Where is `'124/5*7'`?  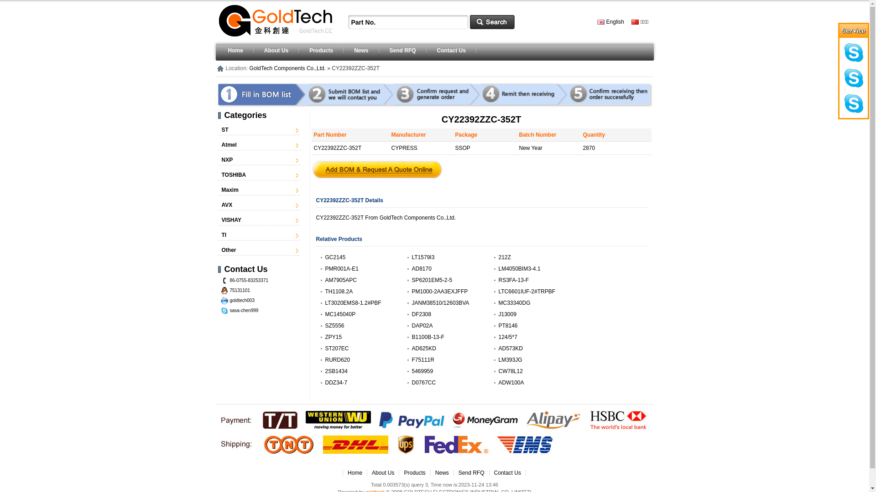 '124/5*7' is located at coordinates (497, 337).